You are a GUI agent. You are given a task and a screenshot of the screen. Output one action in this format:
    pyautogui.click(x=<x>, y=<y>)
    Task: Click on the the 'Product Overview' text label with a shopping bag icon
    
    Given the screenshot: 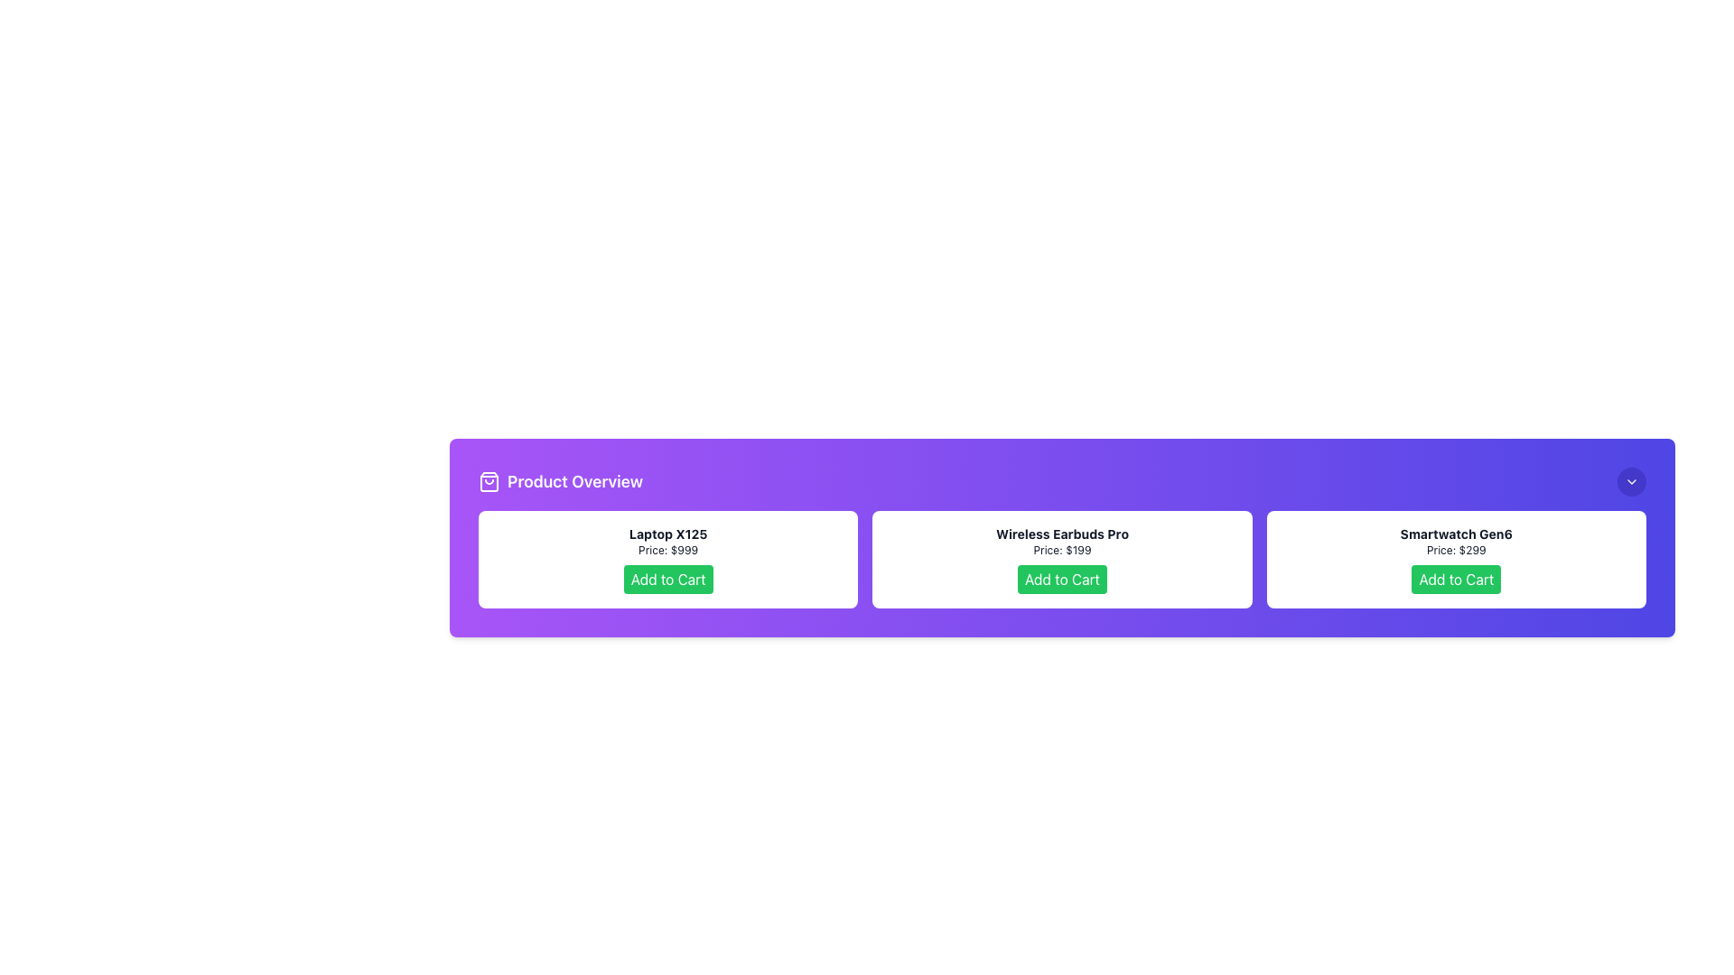 What is the action you would take?
    pyautogui.click(x=560, y=480)
    